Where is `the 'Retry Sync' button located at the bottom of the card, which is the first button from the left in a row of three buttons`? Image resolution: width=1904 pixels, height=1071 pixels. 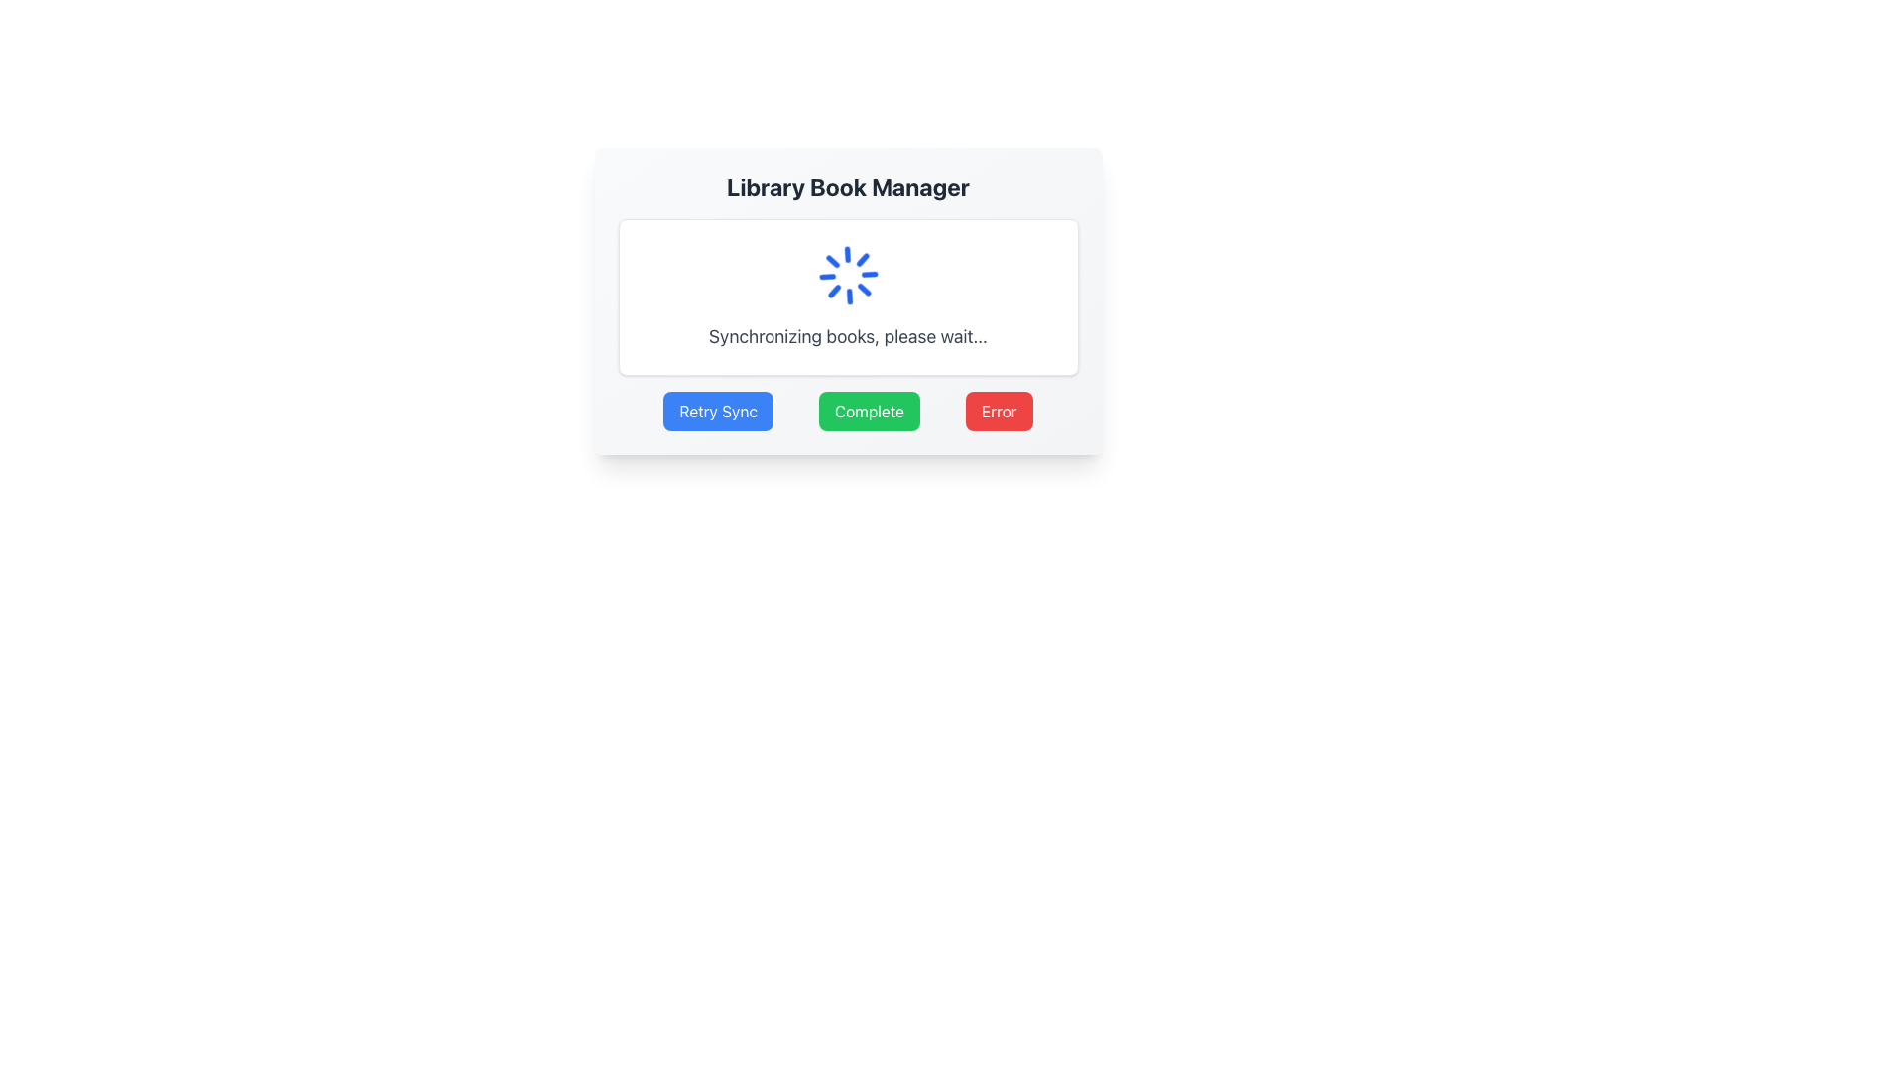 the 'Retry Sync' button located at the bottom of the card, which is the first button from the left in a row of three buttons is located at coordinates (717, 411).